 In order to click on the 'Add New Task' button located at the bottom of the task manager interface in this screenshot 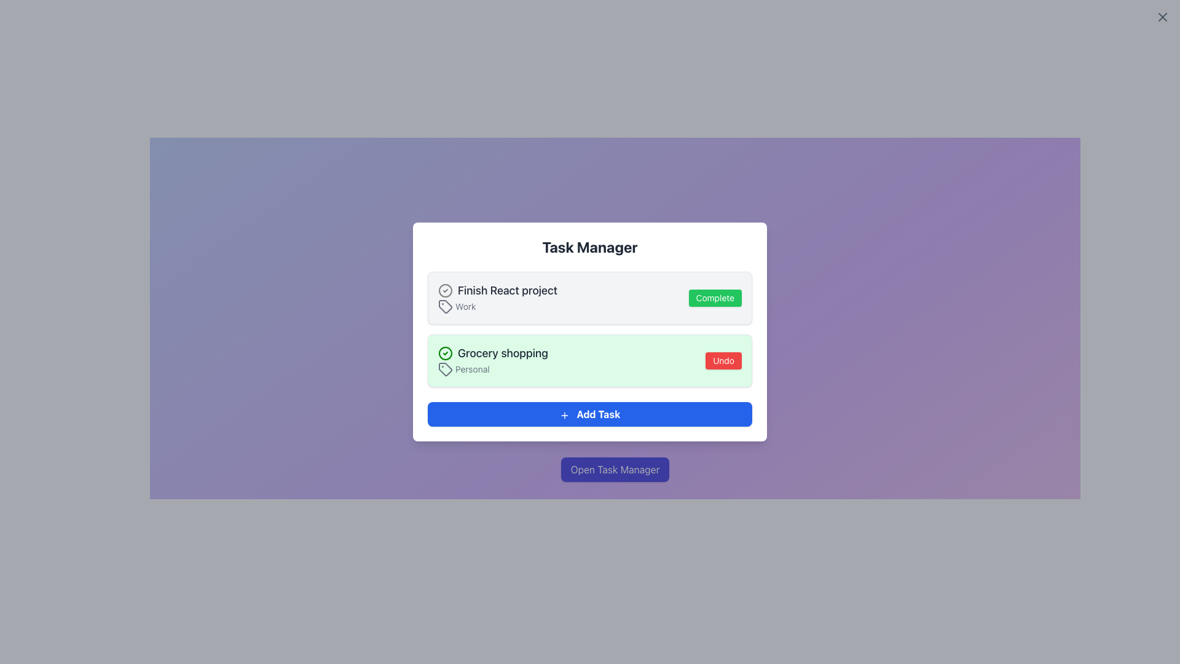, I will do `click(590, 414)`.